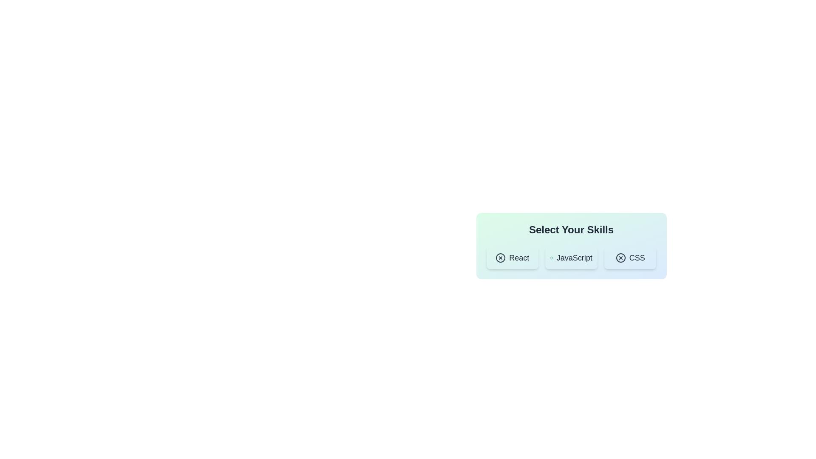  What do you see at coordinates (571, 257) in the screenshot?
I see `the chip labeled JavaScript to toggle its selection` at bounding box center [571, 257].